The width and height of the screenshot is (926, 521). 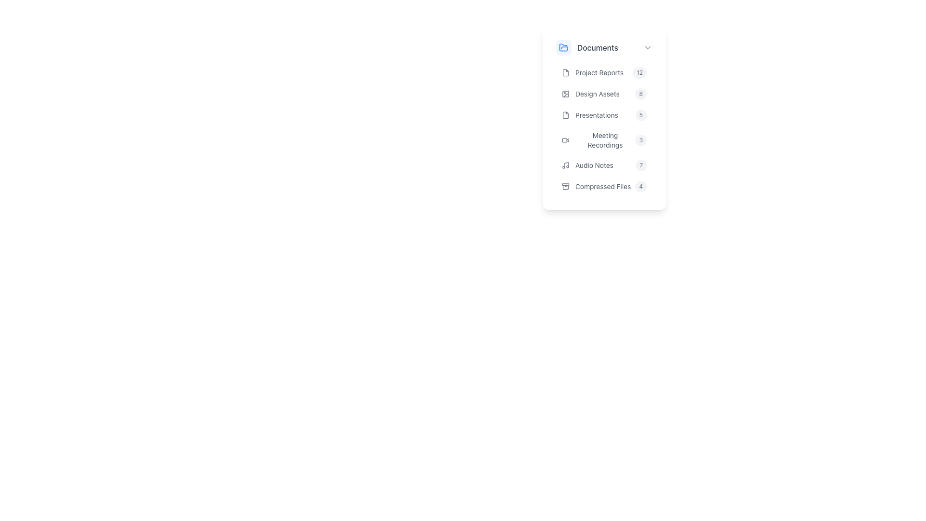 I want to click on the Static Text Label identifying a menu item under the 'Documents' category, which is the second text component following a file icon, so click(x=599, y=72).